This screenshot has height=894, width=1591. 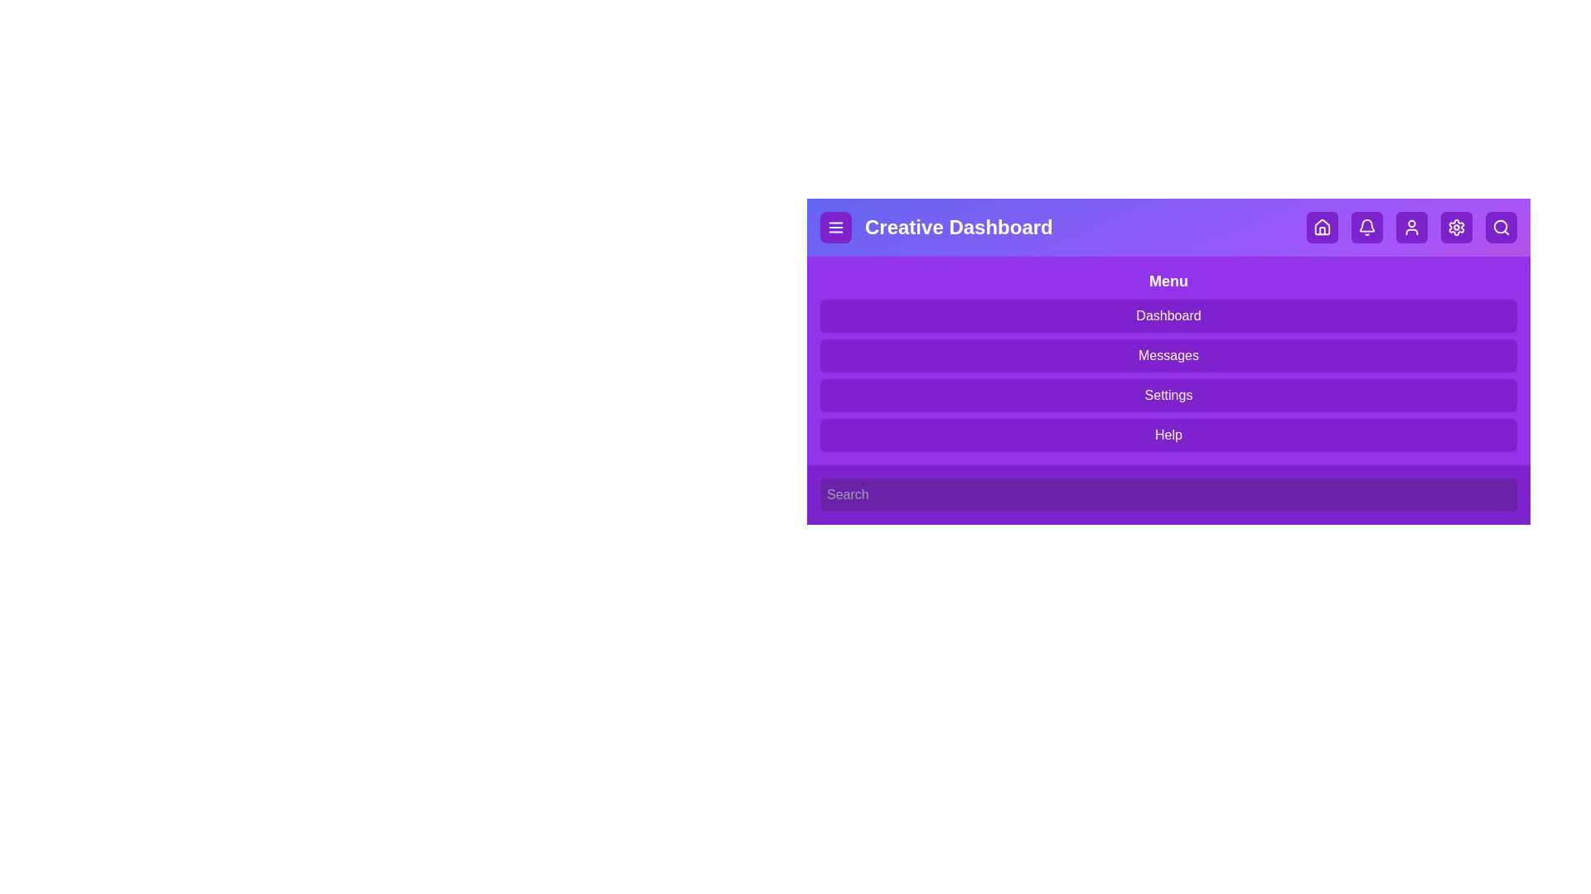 I want to click on 'Menu' button to toggle the side menu visibility, so click(x=835, y=227).